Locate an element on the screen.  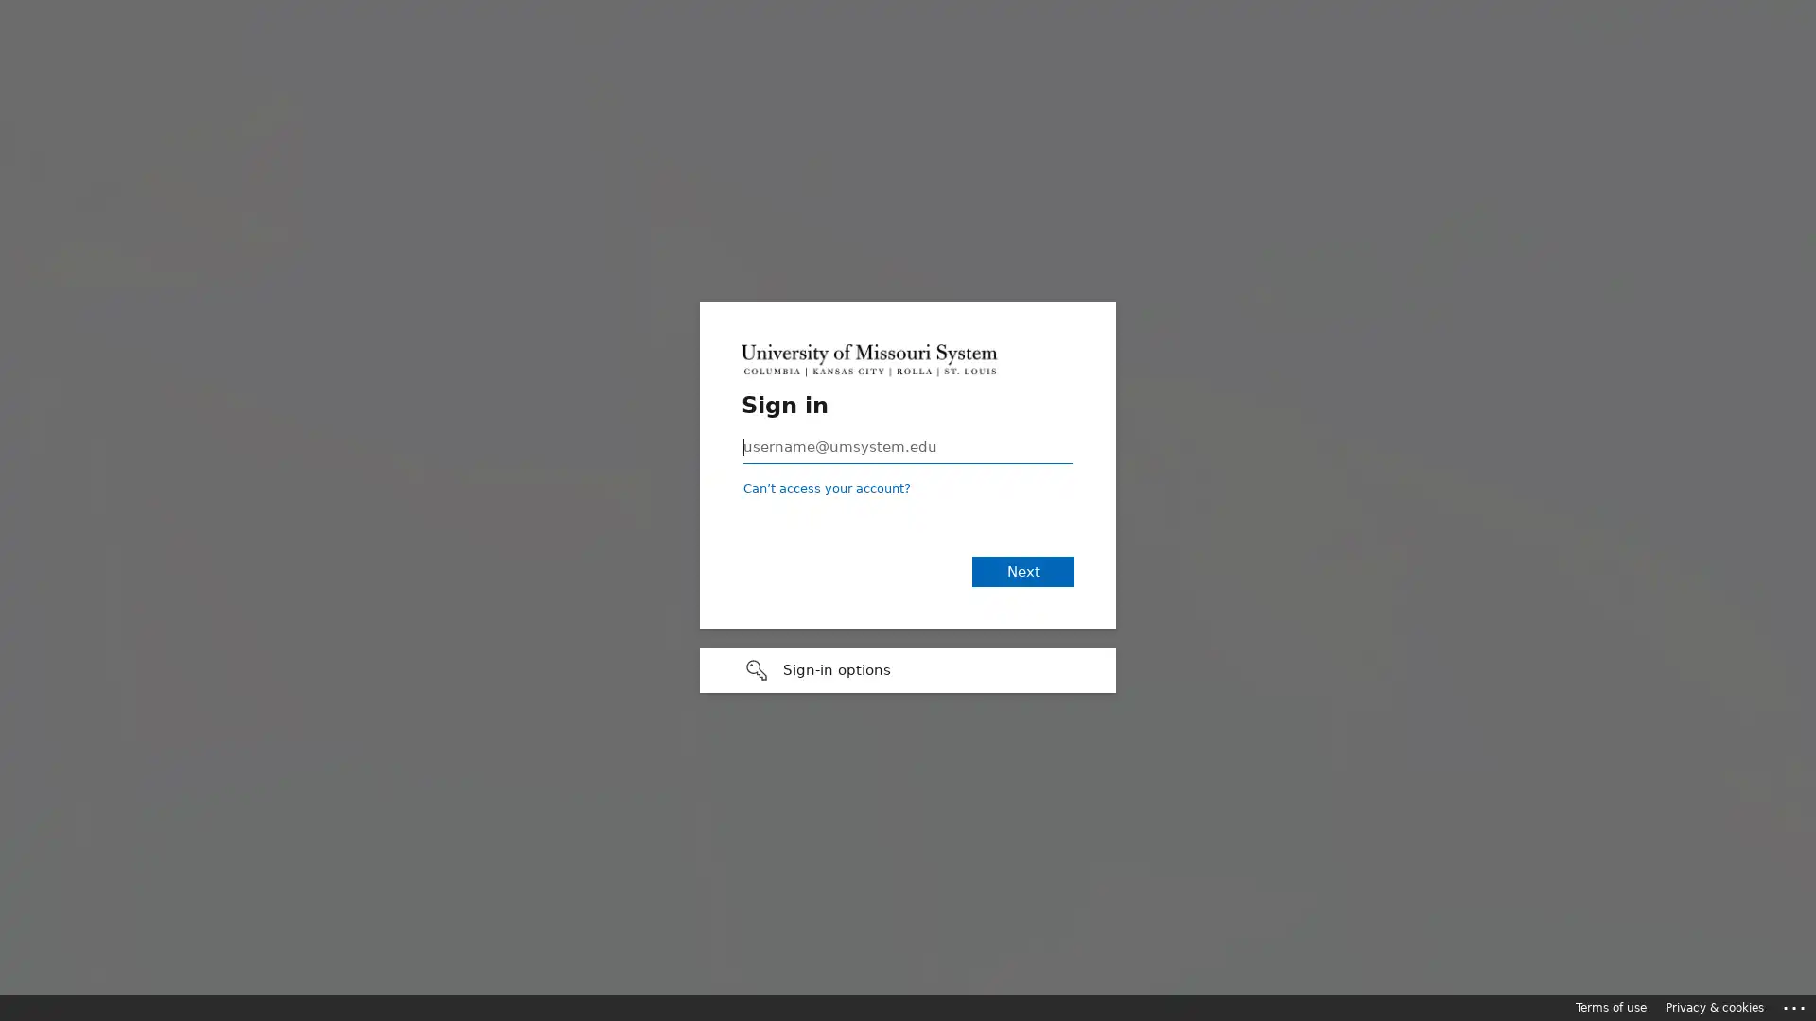
Next is located at coordinates (1021, 571).